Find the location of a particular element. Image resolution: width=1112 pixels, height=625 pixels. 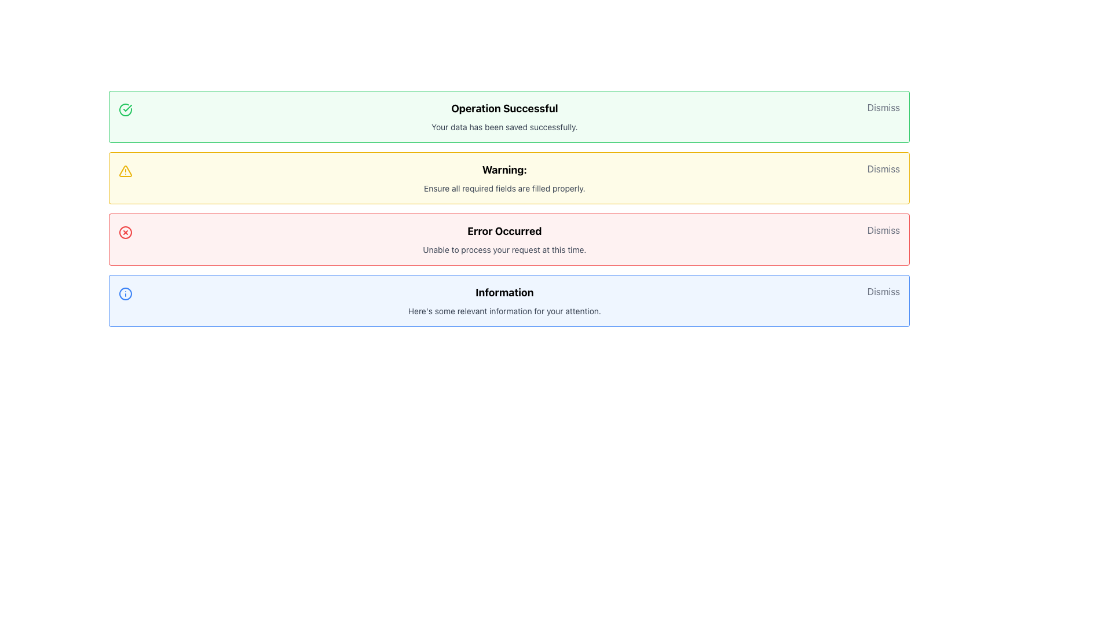

the decorative SVG Circle Element within the fourth notification box labeled 'Information' at the bottom of the interface is located at coordinates (125, 293).